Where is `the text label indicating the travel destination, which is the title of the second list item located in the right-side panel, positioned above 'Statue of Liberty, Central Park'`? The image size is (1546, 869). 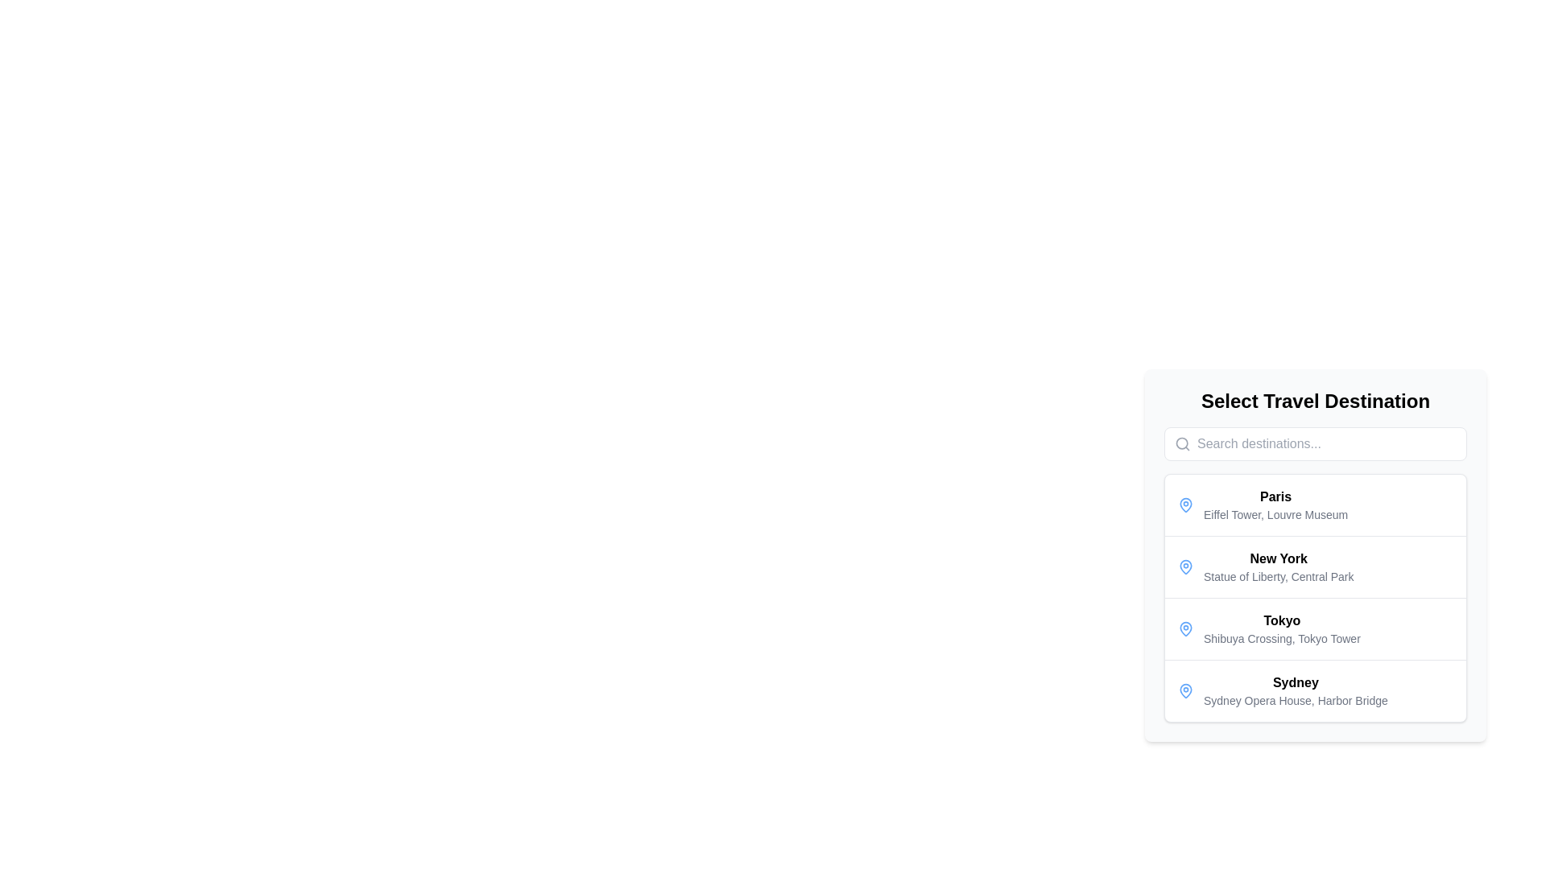
the text label indicating the travel destination, which is the title of the second list item located in the right-side panel, positioned above 'Statue of Liberty, Central Park' is located at coordinates (1278, 558).